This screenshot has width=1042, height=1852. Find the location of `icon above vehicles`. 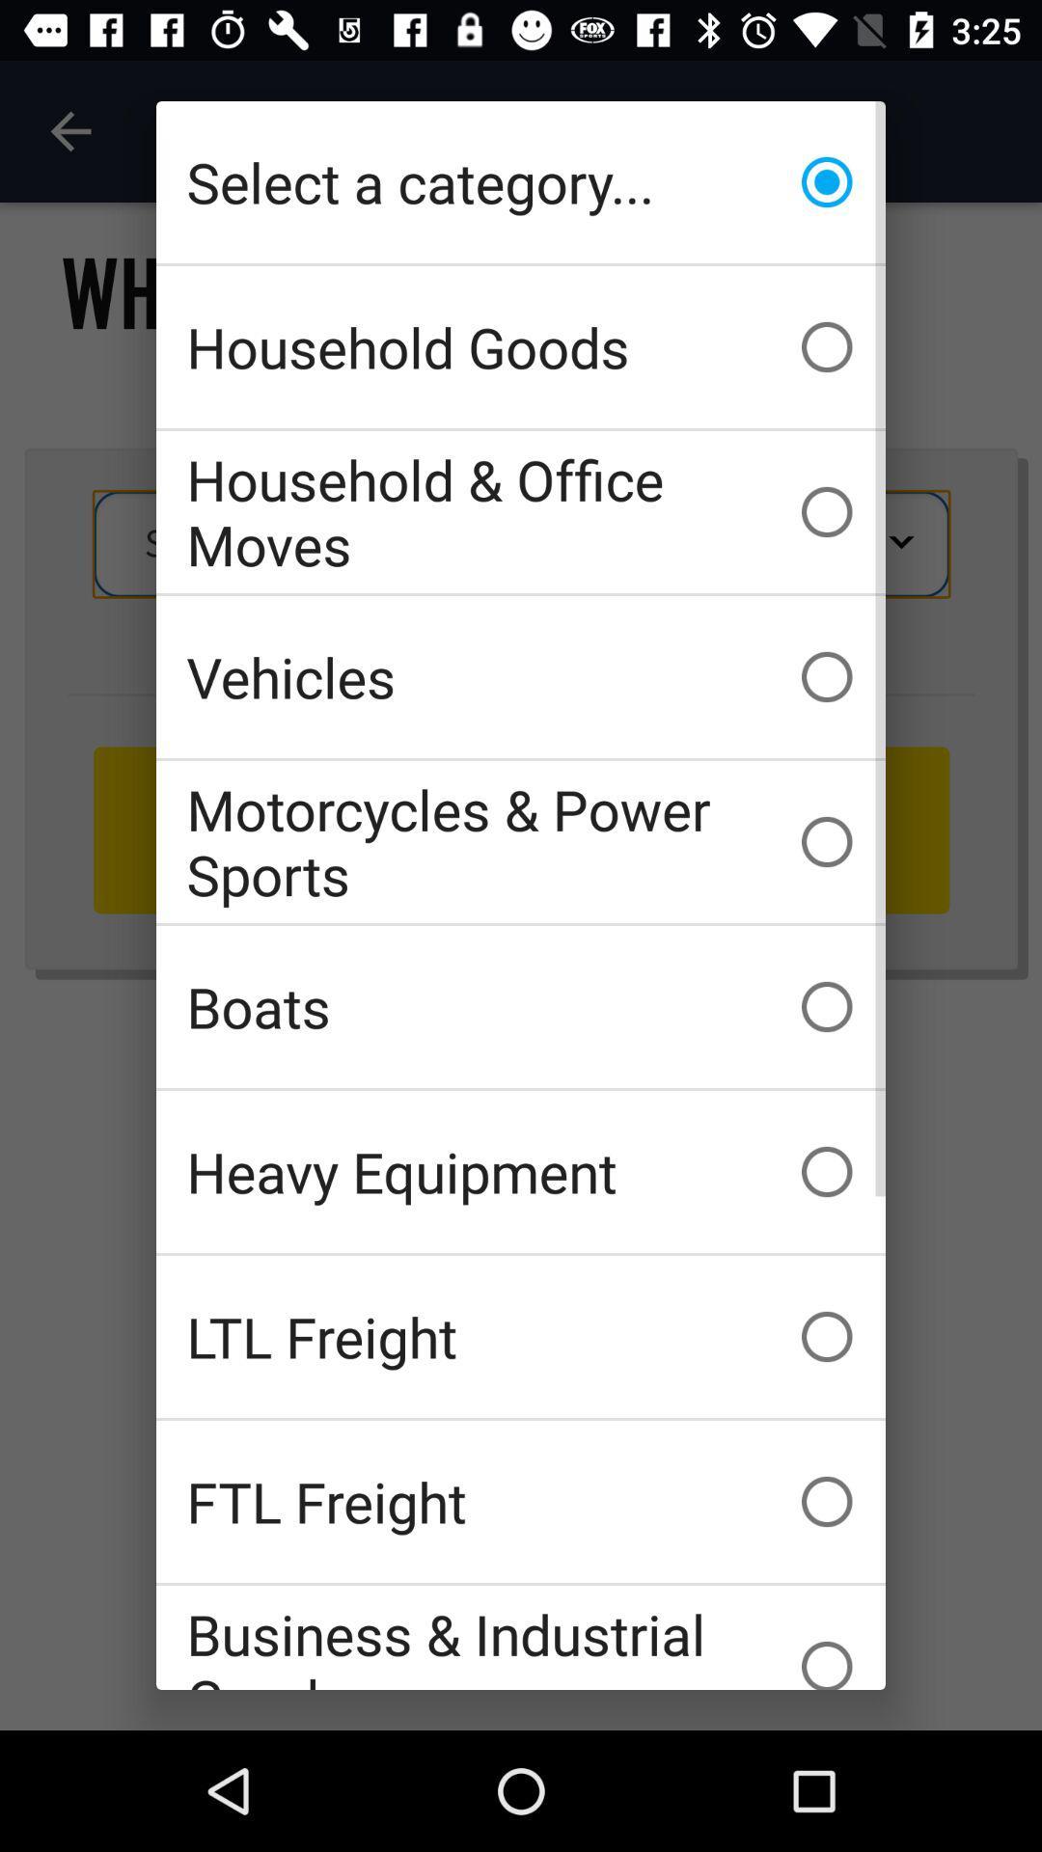

icon above vehicles is located at coordinates (521, 512).